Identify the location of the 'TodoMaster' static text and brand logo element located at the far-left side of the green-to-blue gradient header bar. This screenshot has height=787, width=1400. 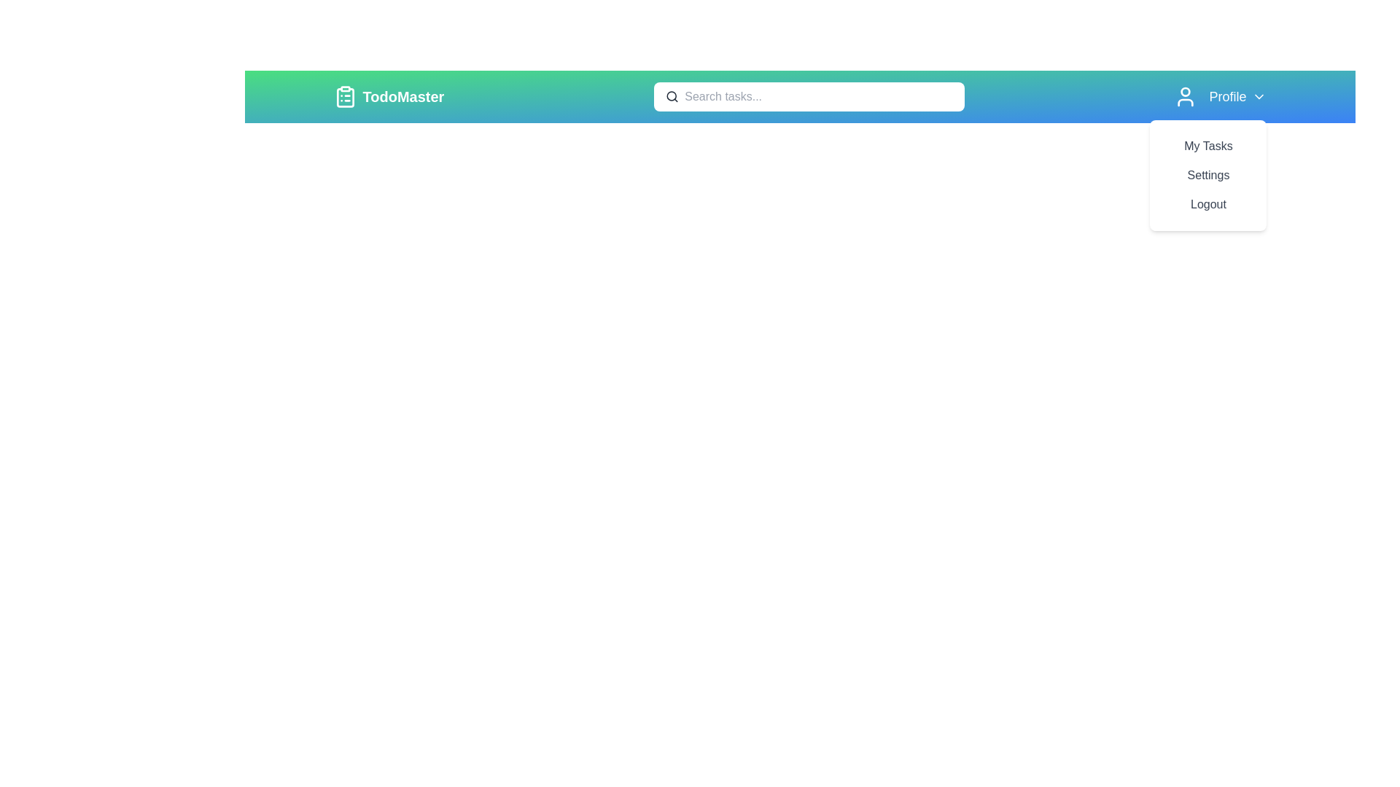
(389, 96).